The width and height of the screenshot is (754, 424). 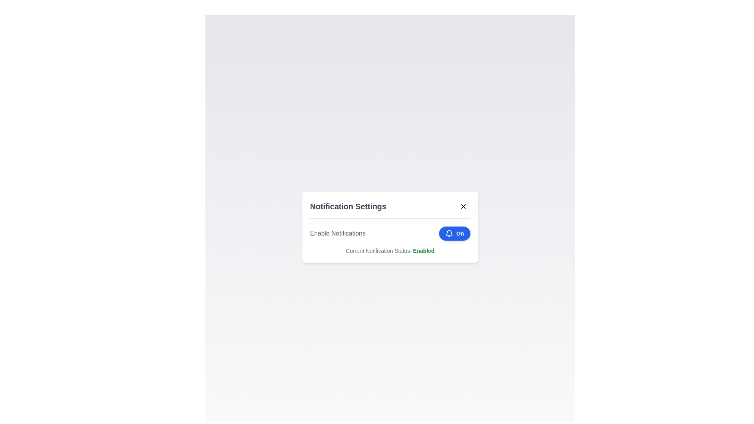 I want to click on the 'Notification Settings' heading, which is a bold, large text label in gray, located at the top-left of its section, so click(x=348, y=206).